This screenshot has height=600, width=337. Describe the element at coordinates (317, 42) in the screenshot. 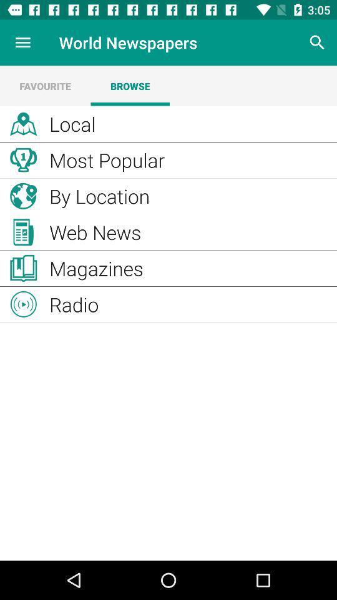

I see `app next to the world newspapers app` at that location.